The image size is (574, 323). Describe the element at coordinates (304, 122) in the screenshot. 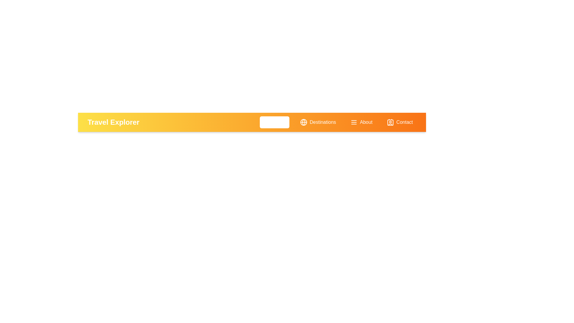

I see `the 'Destinations' navigation icon located` at that location.